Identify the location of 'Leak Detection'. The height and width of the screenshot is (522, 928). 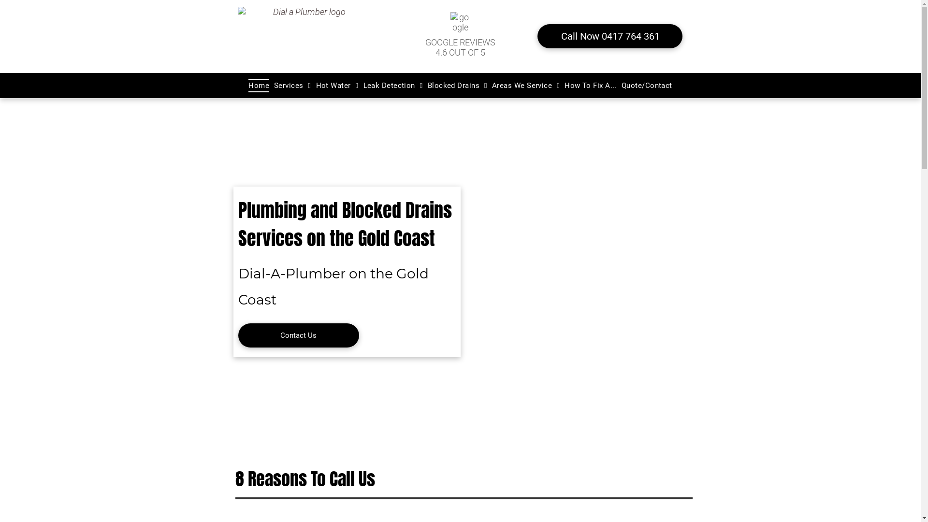
(393, 85).